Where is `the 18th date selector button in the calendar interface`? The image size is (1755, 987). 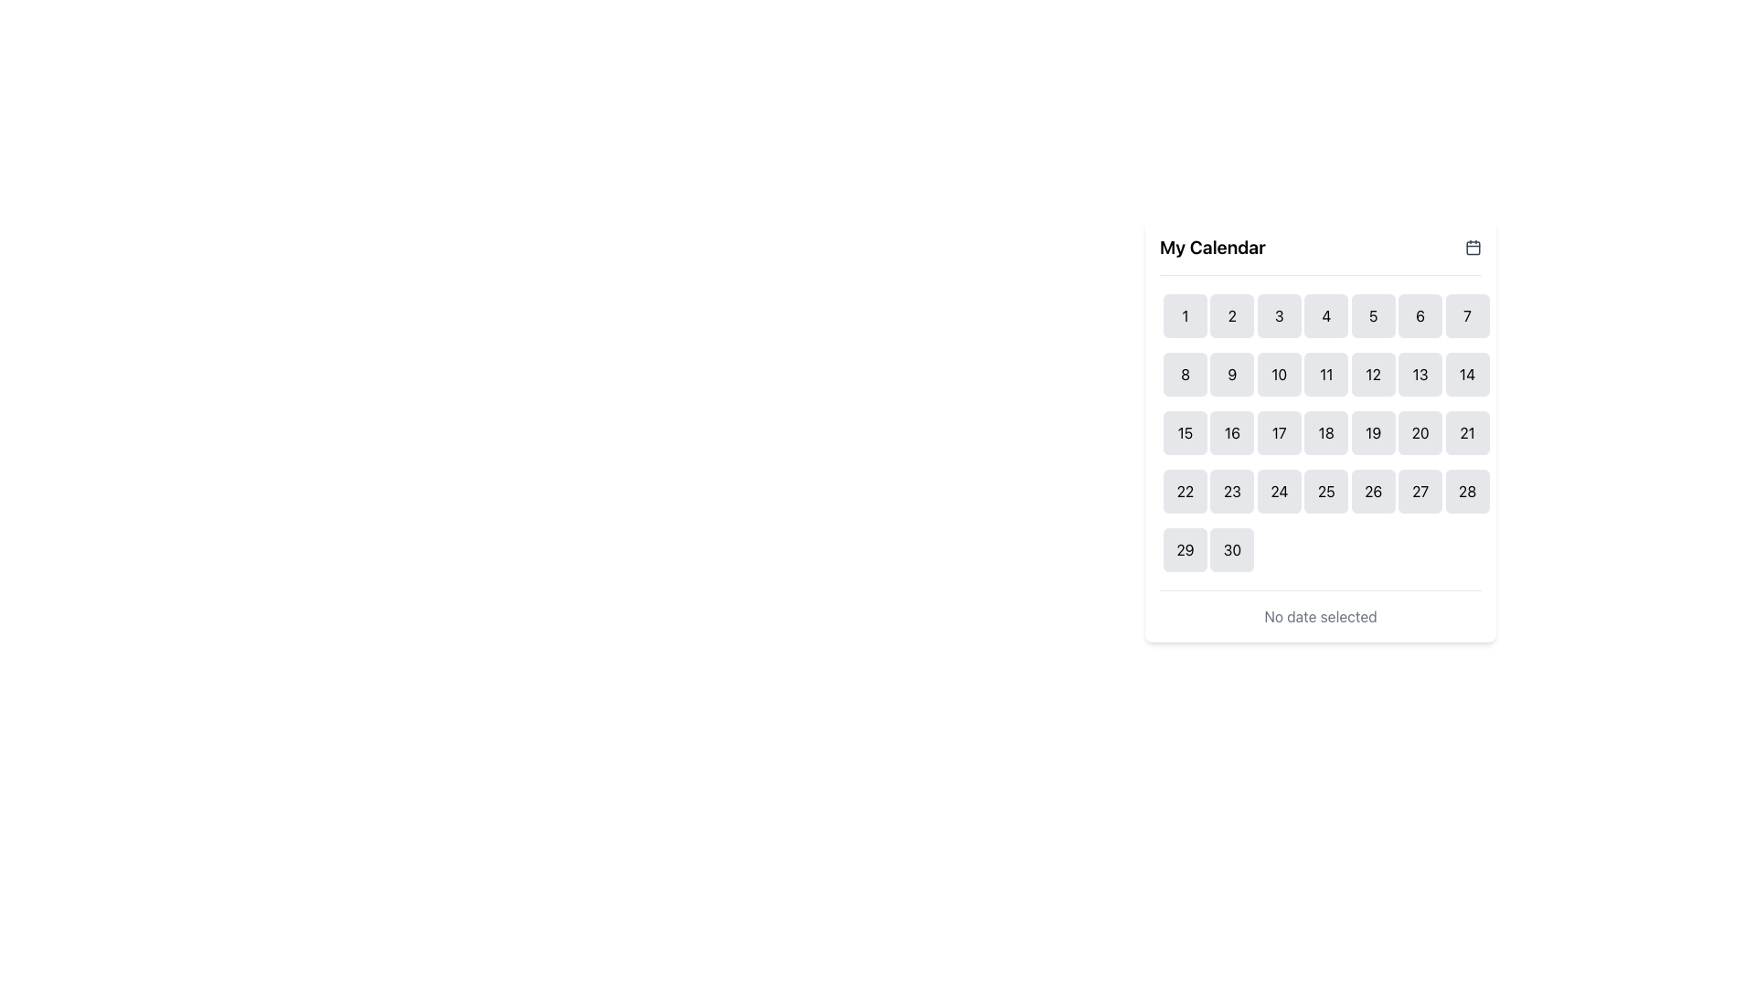 the 18th date selector button in the calendar interface is located at coordinates (1326, 433).